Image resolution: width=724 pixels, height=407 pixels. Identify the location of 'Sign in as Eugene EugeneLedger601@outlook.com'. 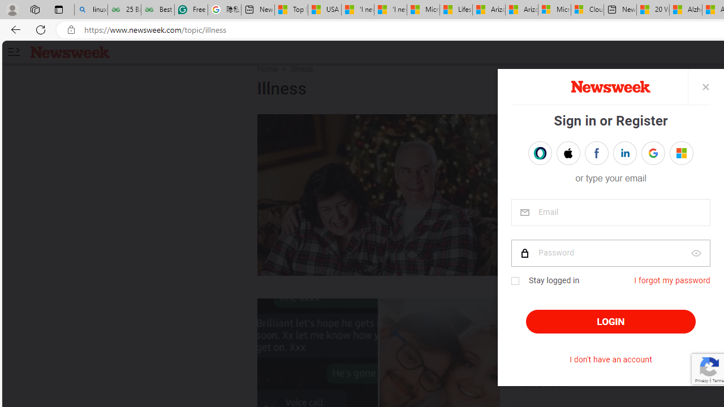
(680, 153).